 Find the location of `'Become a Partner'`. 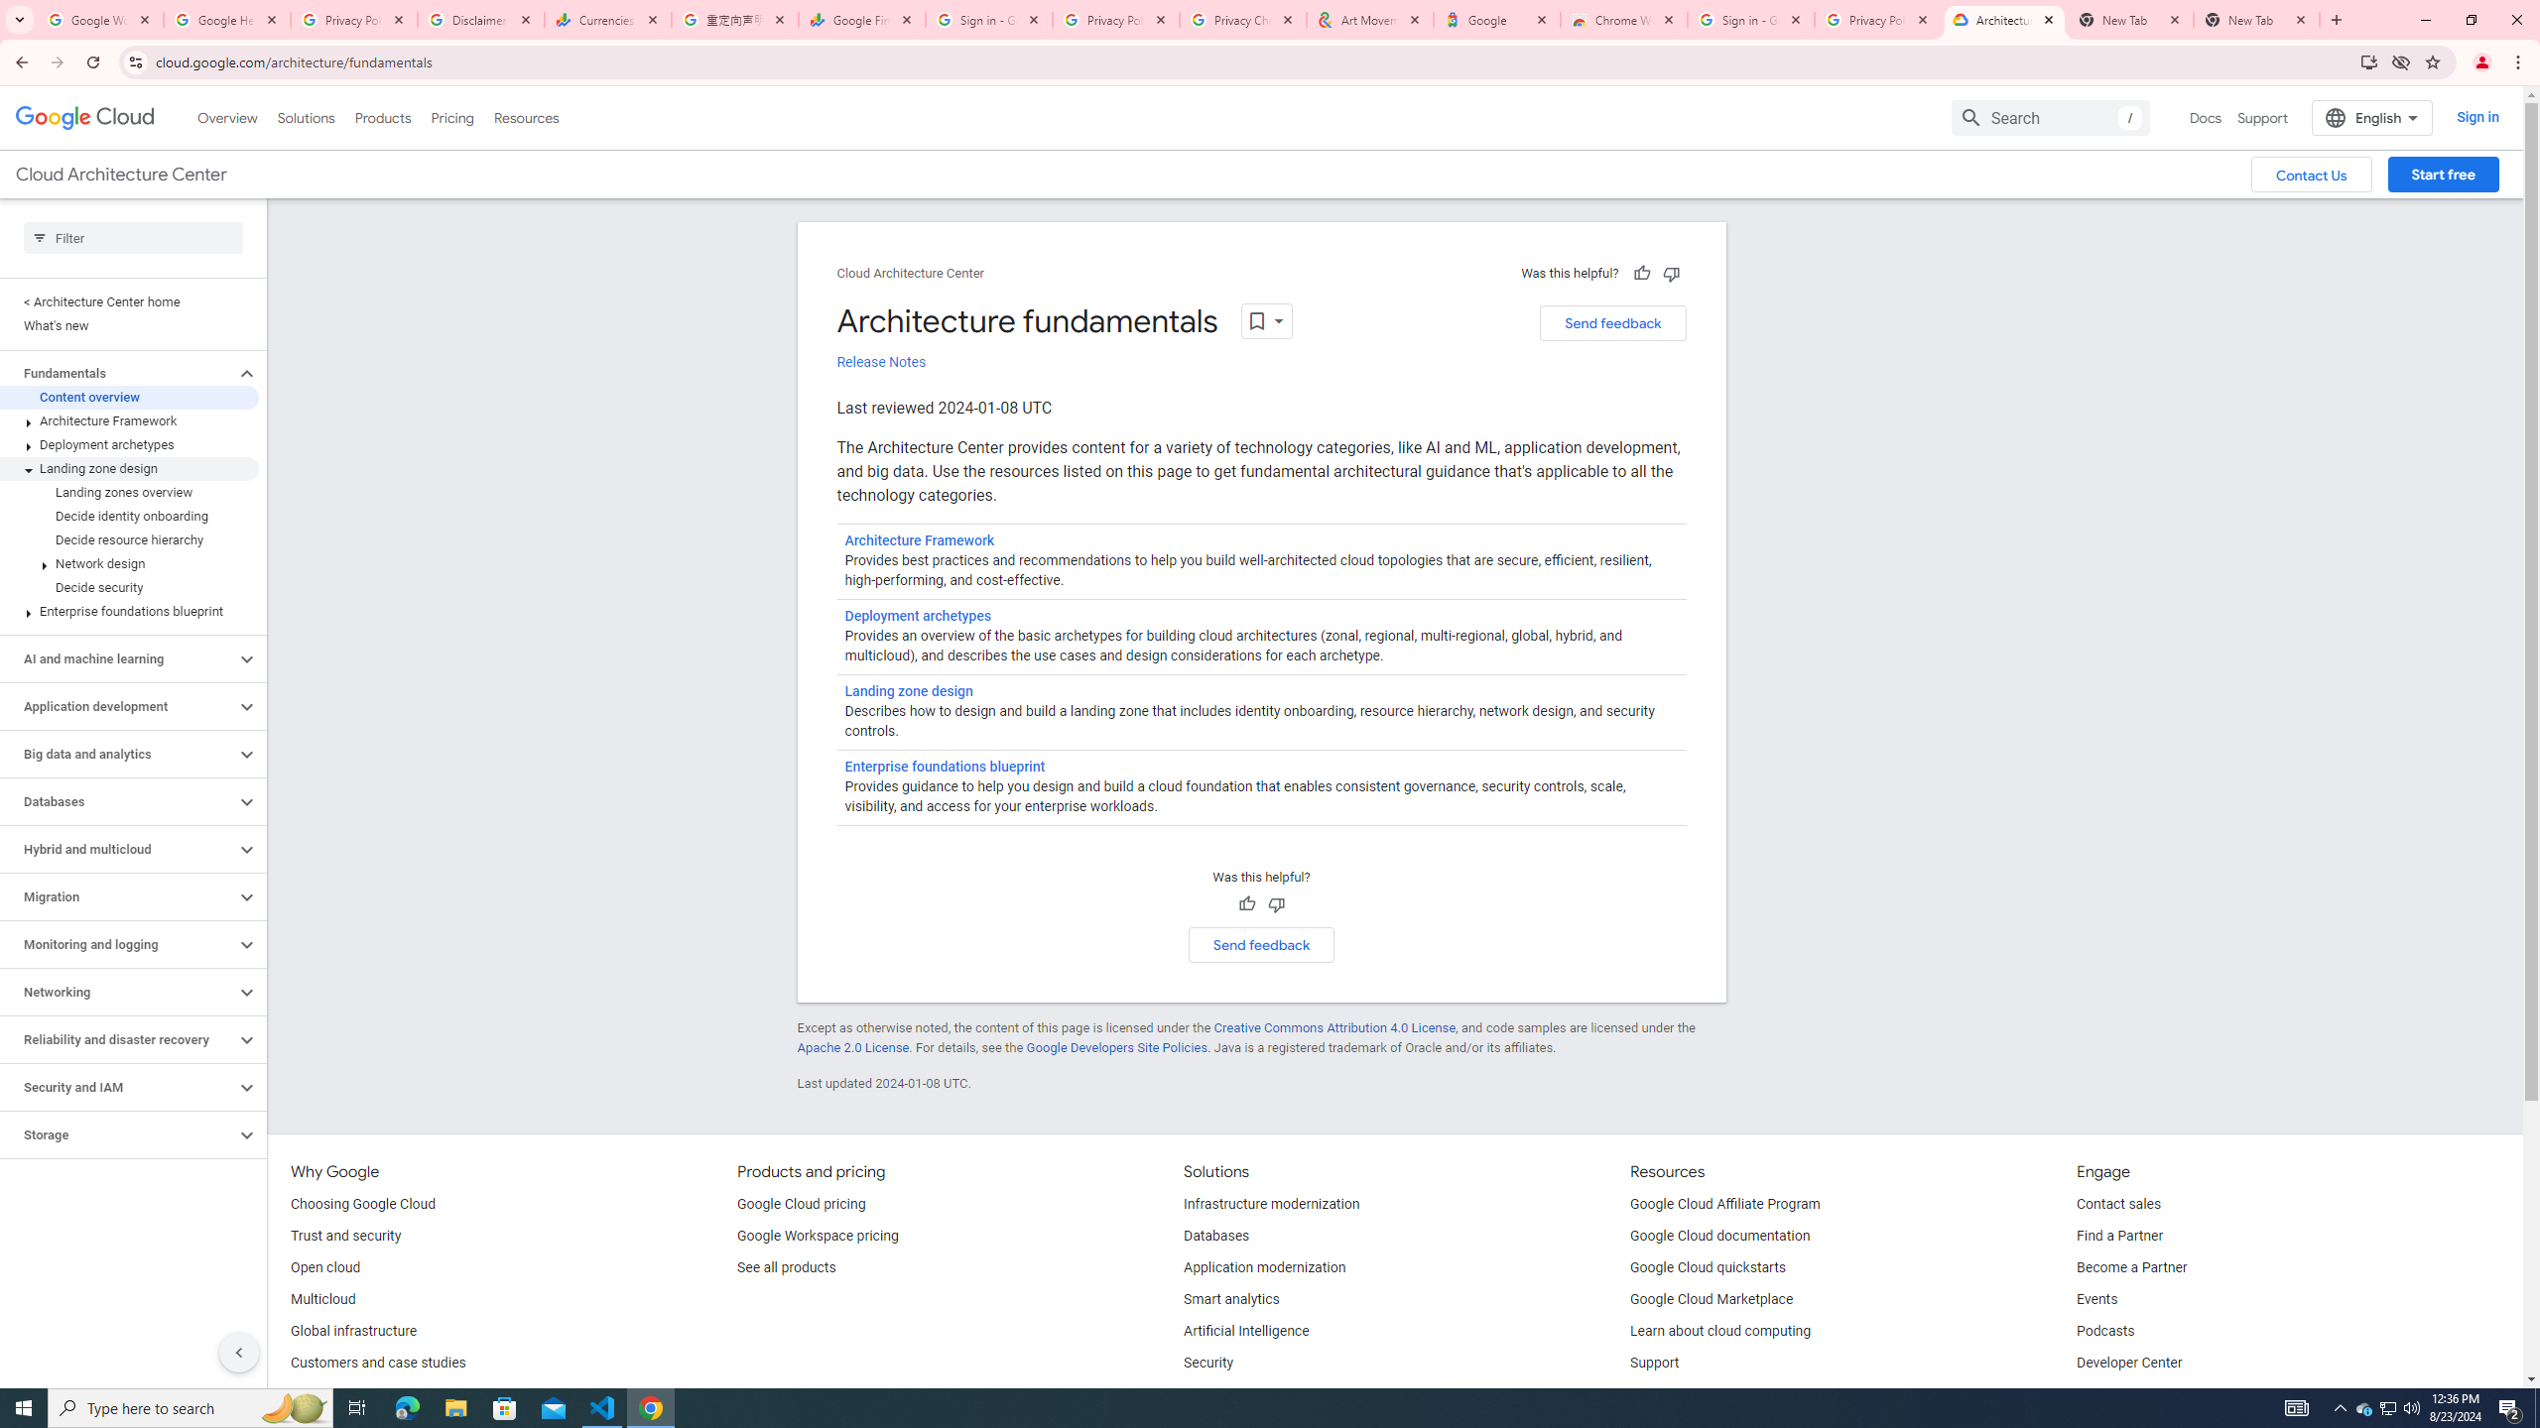

'Become a Partner' is located at coordinates (2131, 1267).